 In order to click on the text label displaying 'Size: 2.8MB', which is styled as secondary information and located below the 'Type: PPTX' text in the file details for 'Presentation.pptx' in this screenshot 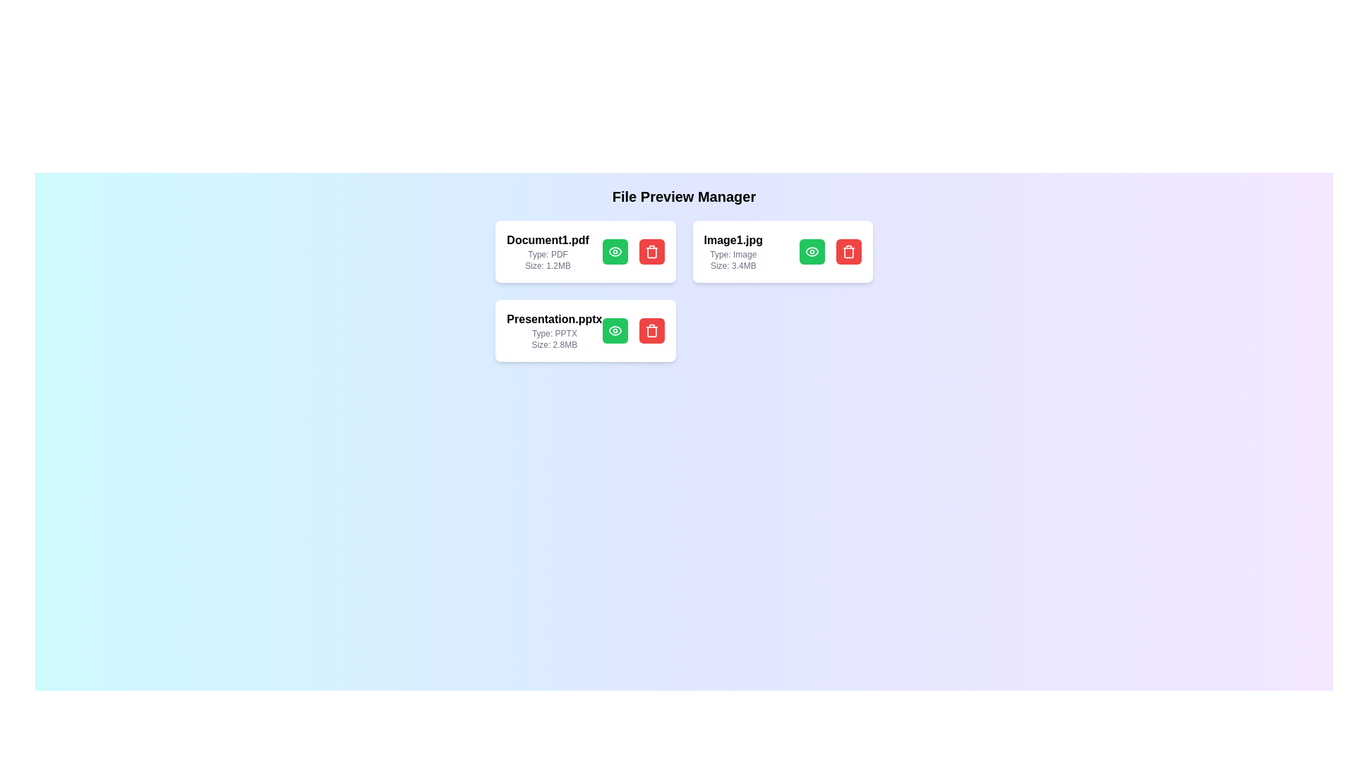, I will do `click(553, 345)`.